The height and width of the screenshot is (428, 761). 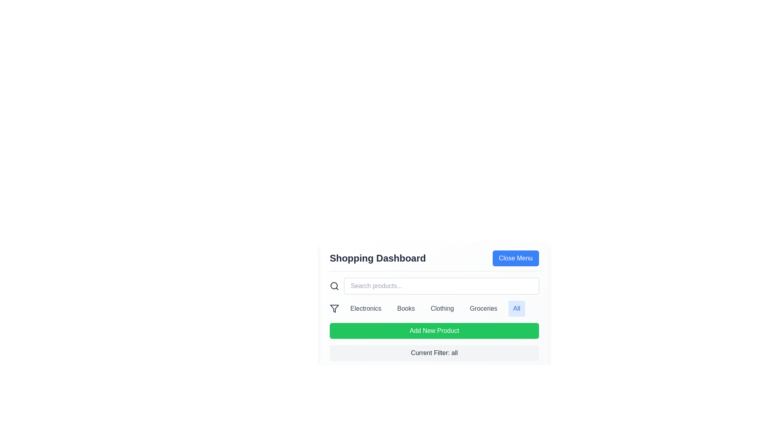 What do you see at coordinates (335, 286) in the screenshot?
I see `the magnifying glass icon located at the top-left corner of the horizontal header bar to receive feedback or hints` at bounding box center [335, 286].